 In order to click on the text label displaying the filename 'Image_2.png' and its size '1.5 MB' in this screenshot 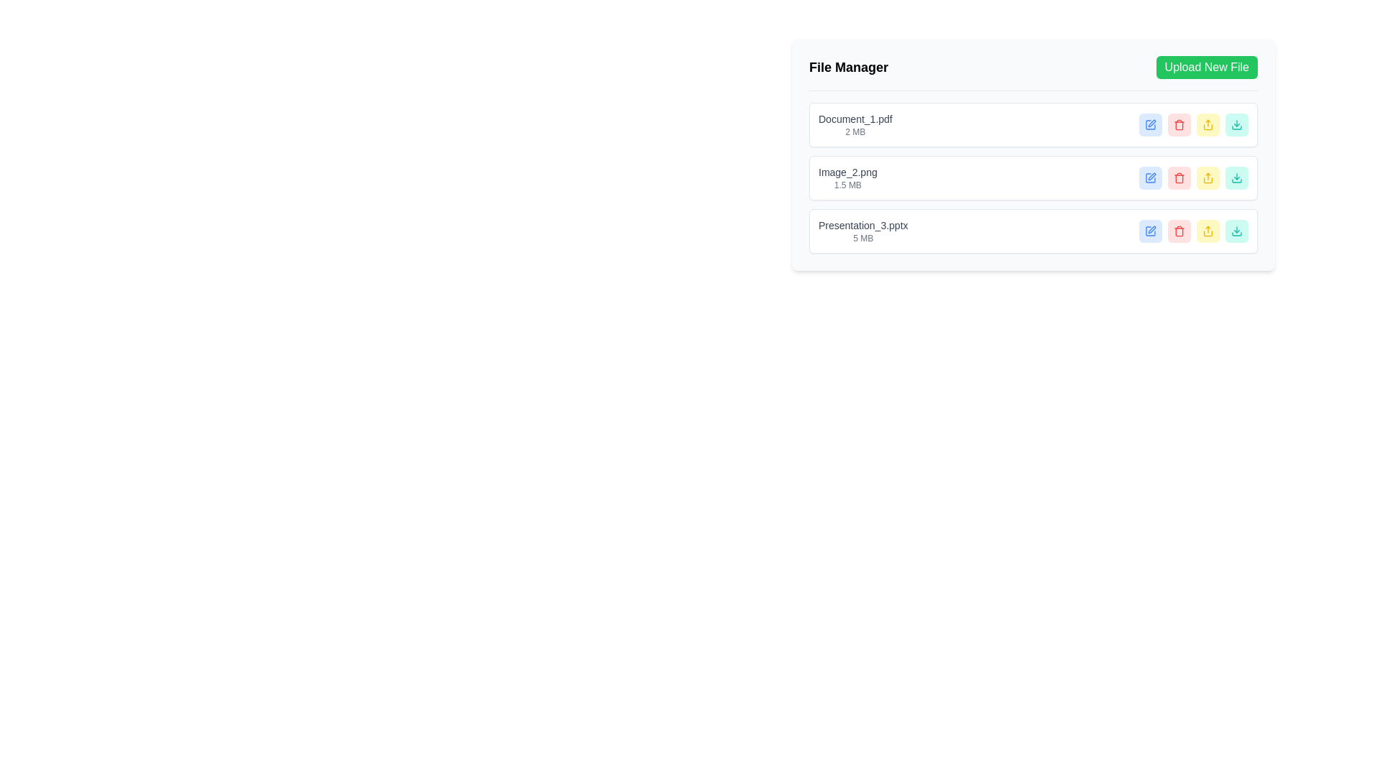, I will do `click(847, 177)`.